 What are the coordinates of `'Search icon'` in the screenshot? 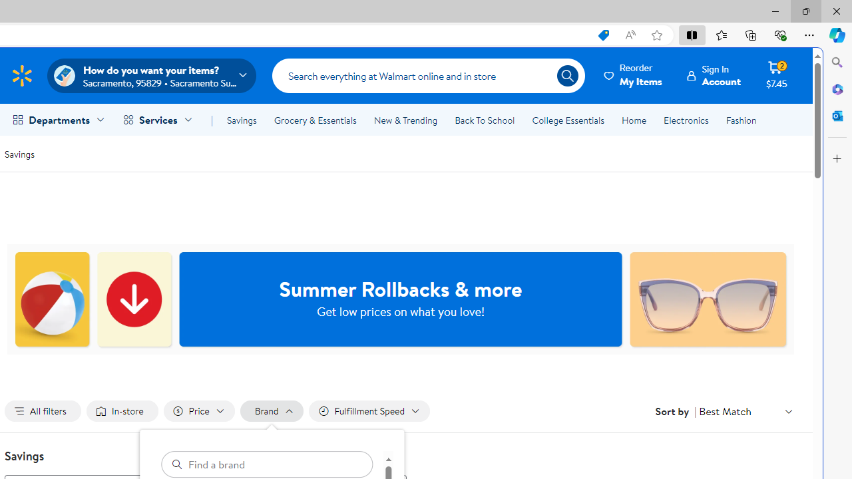 It's located at (567, 76).